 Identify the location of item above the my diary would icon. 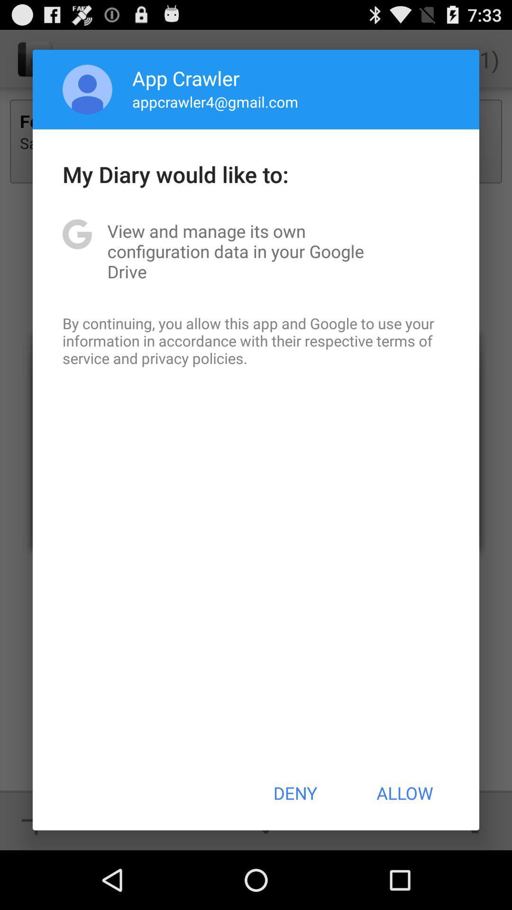
(215, 101).